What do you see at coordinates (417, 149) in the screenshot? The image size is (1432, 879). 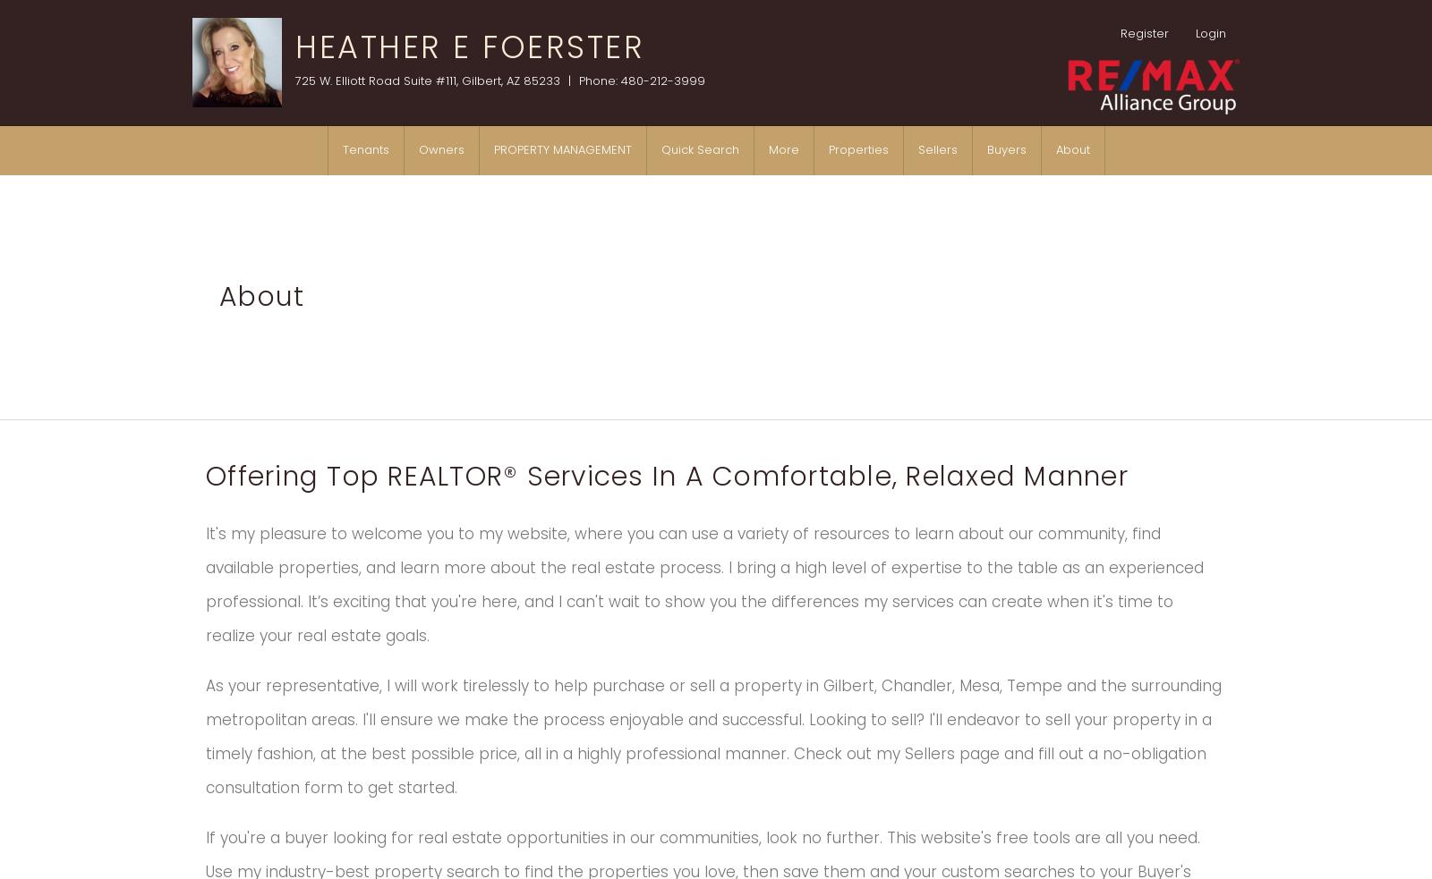 I see `'Owners'` at bounding box center [417, 149].